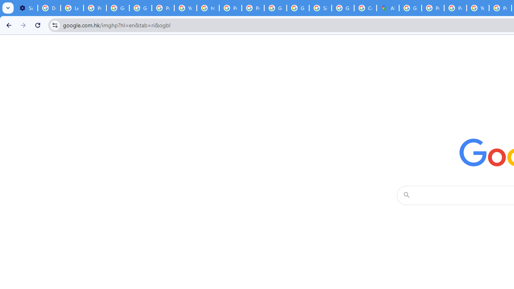 This screenshot has height=289, width=514. I want to click on 'Create your Google Account', so click(365, 8).